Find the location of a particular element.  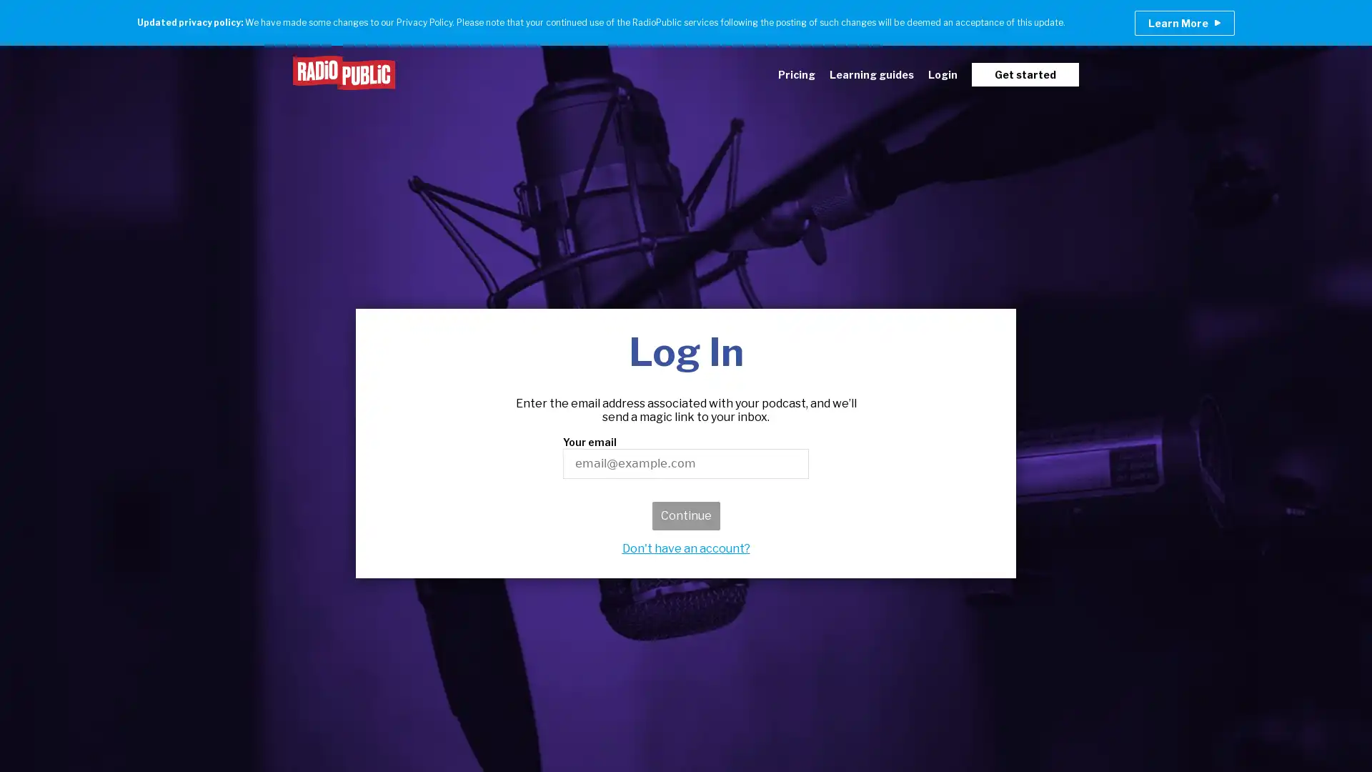

Continue is located at coordinates (685, 515).